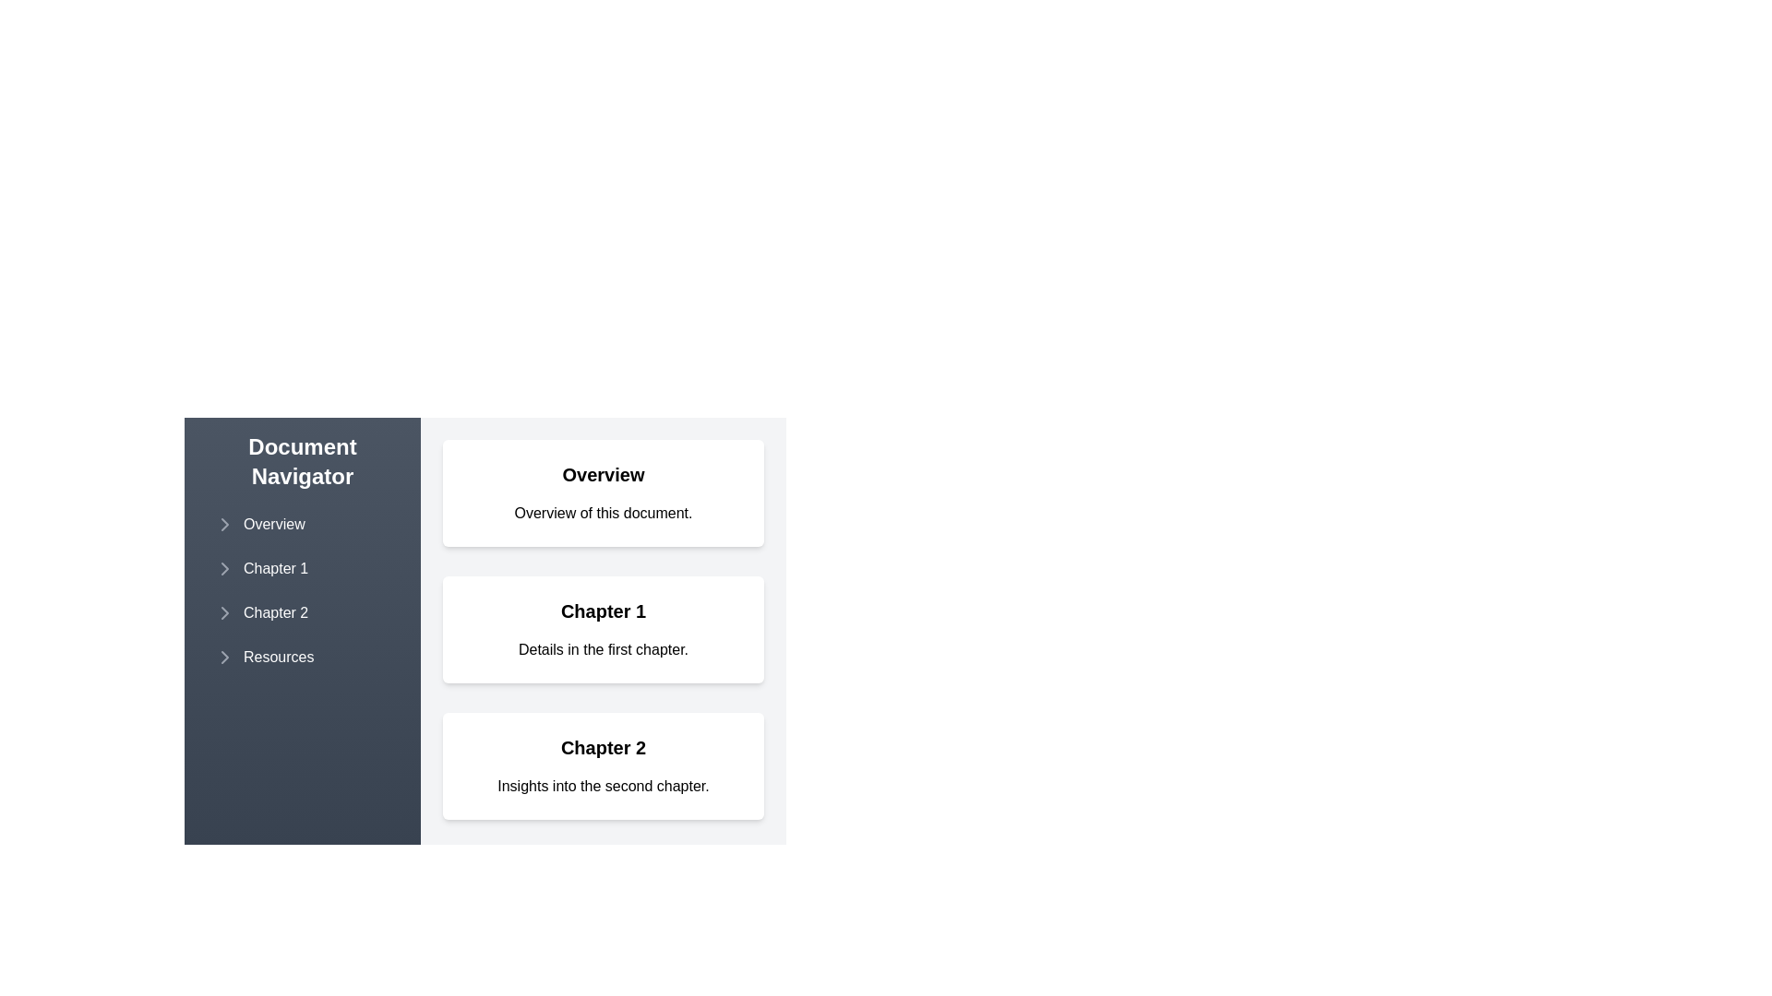  What do you see at coordinates (302, 612) in the screenshot?
I see `the 'Chapter 2' button-like navigation link in the Document Navigator` at bounding box center [302, 612].